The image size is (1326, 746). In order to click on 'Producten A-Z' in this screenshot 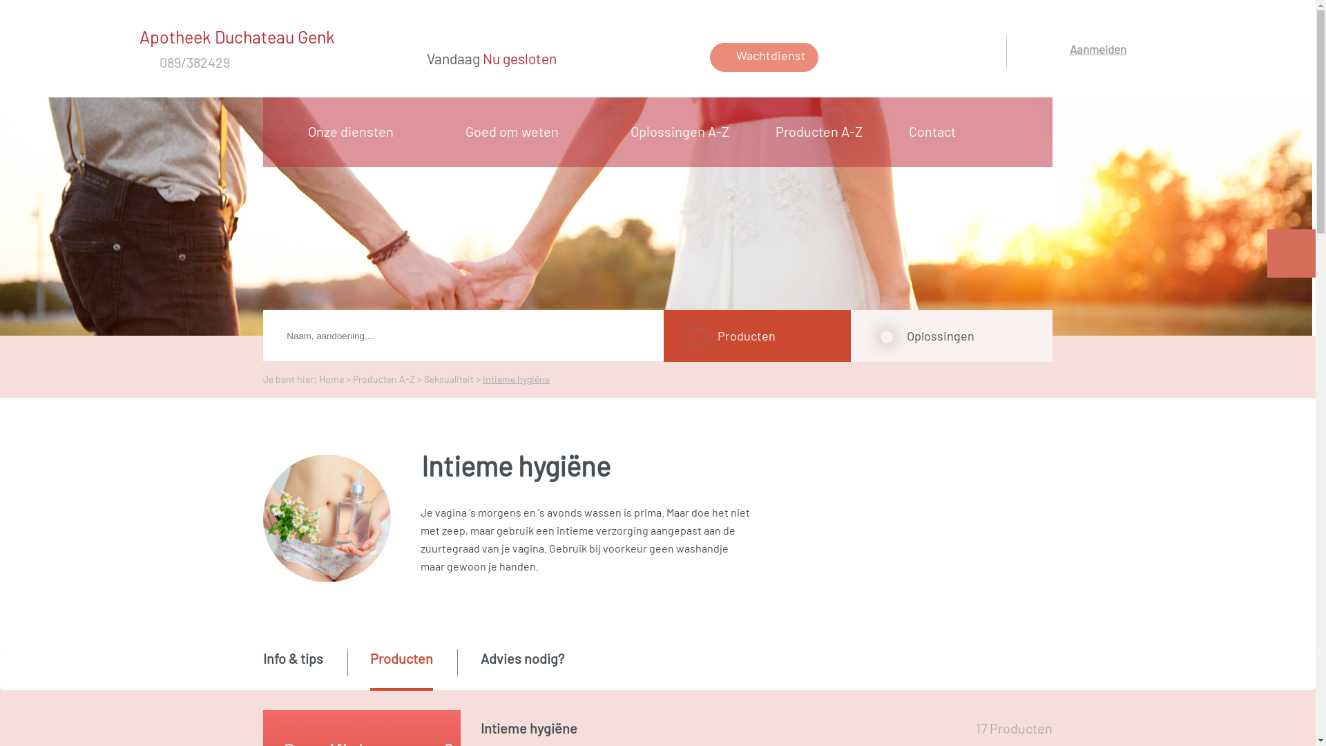, I will do `click(823, 131)`.